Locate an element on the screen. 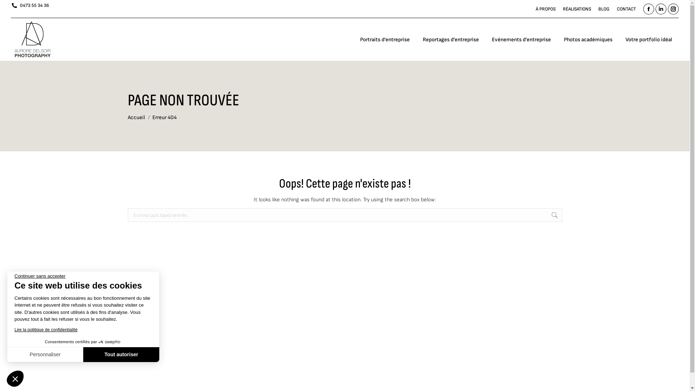  'Accueil' is located at coordinates (136, 117).